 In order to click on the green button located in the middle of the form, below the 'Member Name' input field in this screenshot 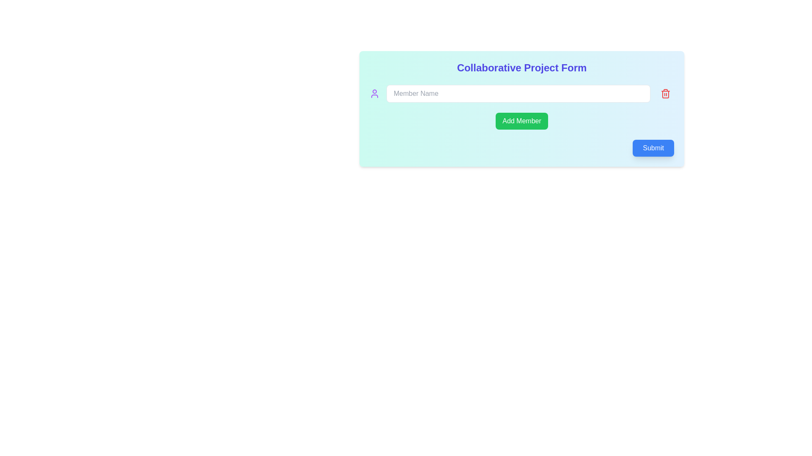, I will do `click(521, 121)`.